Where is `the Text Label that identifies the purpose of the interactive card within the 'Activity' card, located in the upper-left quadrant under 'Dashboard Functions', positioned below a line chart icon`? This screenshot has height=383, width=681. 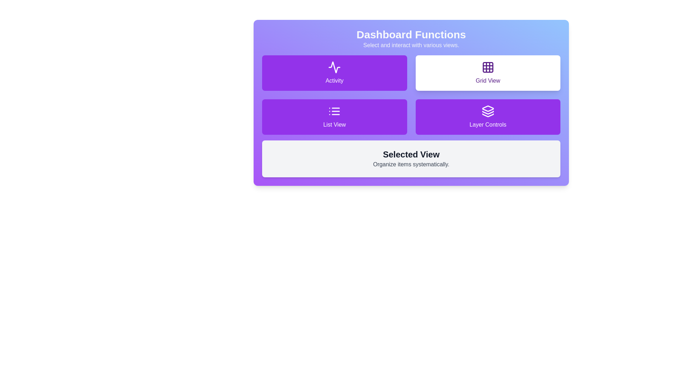 the Text Label that identifies the purpose of the interactive card within the 'Activity' card, located in the upper-left quadrant under 'Dashboard Functions', positioned below a line chart icon is located at coordinates (334, 80).